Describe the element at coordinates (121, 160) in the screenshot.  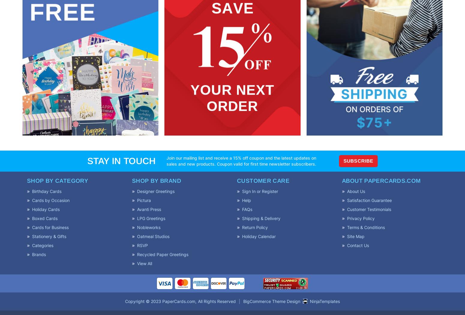
I see `'Stay In Touch'` at that location.